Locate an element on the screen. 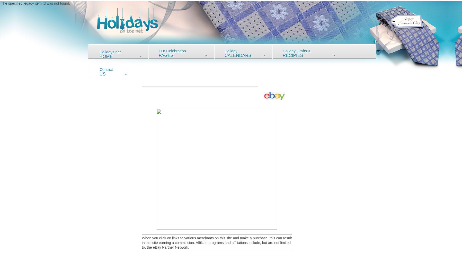 Image resolution: width=462 pixels, height=261 pixels. 'Recipies' is located at coordinates (282, 55).